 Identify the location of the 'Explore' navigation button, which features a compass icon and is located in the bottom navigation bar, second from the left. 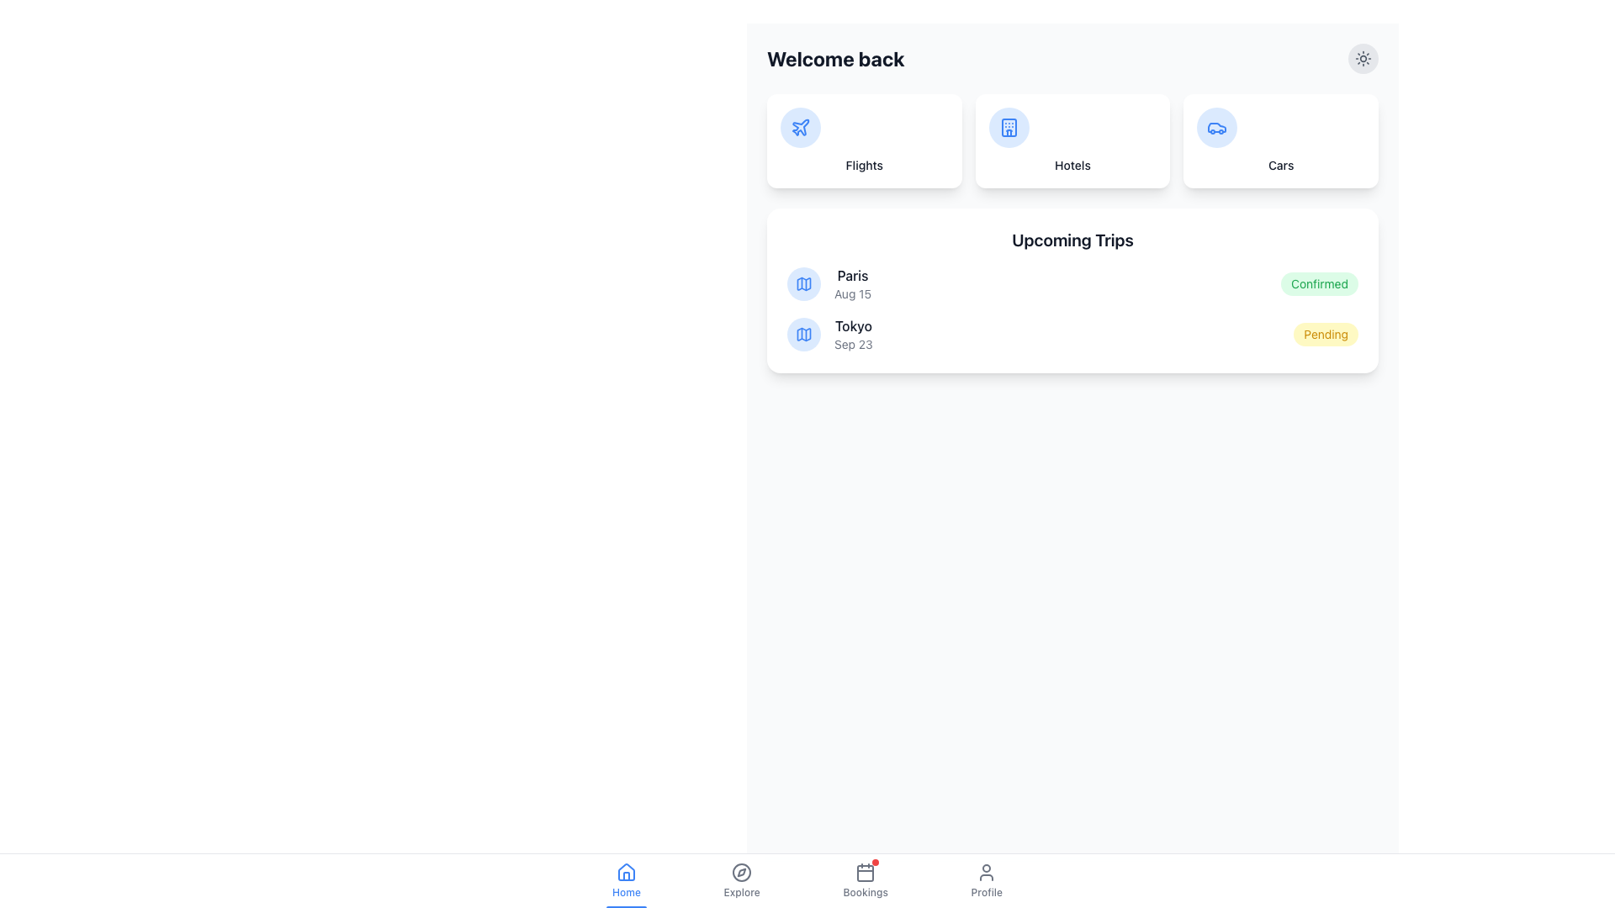
(741, 880).